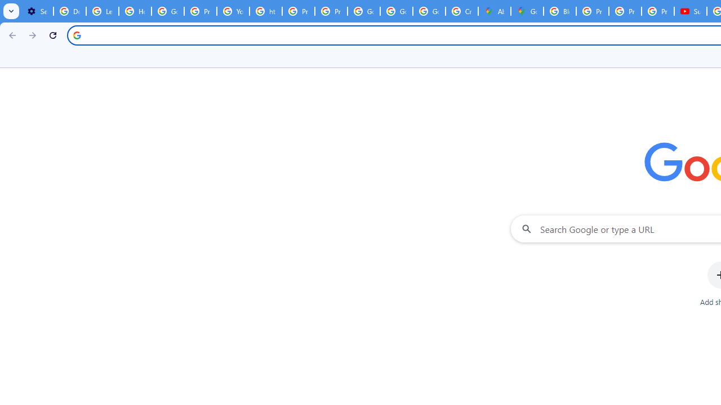  Describe the element at coordinates (559, 11) in the screenshot. I see `'Blogger Policies and Guidelines - Transparency Center'` at that location.